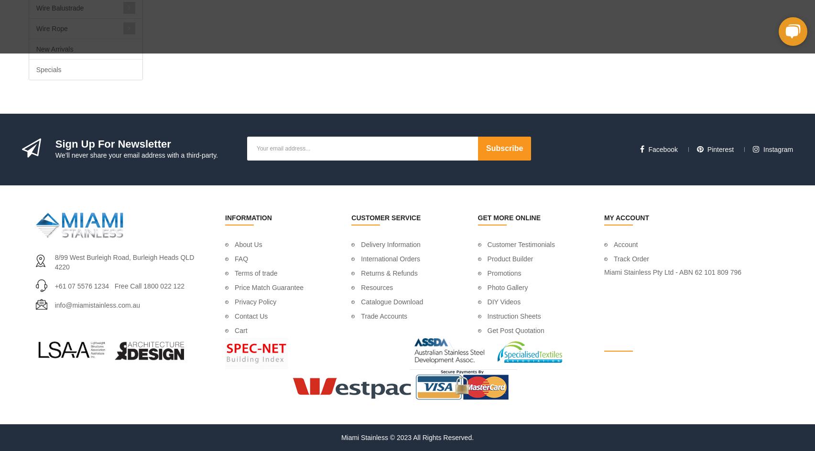 This screenshot has height=451, width=815. I want to click on 'DIY Videos', so click(503, 302).